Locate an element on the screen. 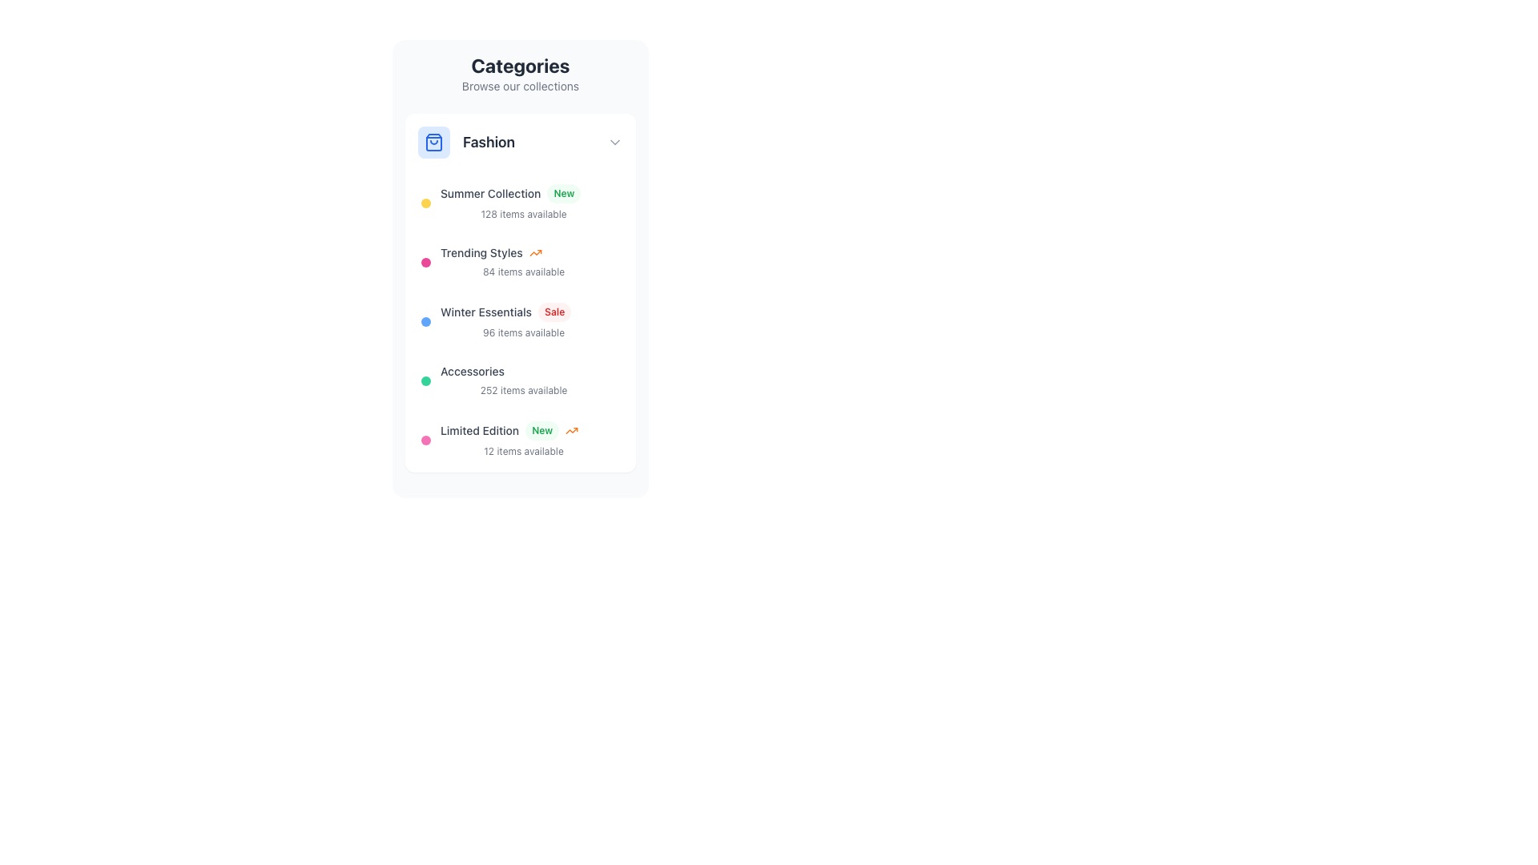 This screenshot has width=1538, height=865. the blue briefcase or shopping bag icon in the navigation menu, which is positioned to the left of the 'Fashion' text label is located at coordinates (434, 141).